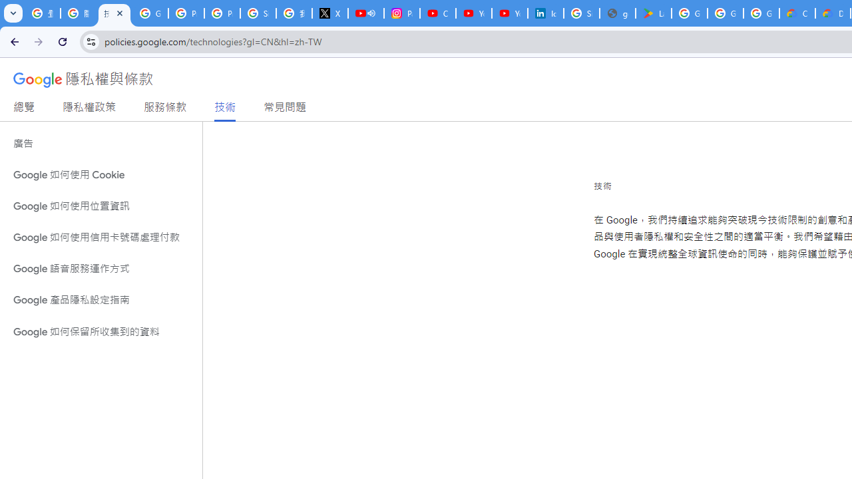 The height and width of the screenshot is (479, 852). I want to click on 'Google Workspace - Specific Terms', so click(724, 13).